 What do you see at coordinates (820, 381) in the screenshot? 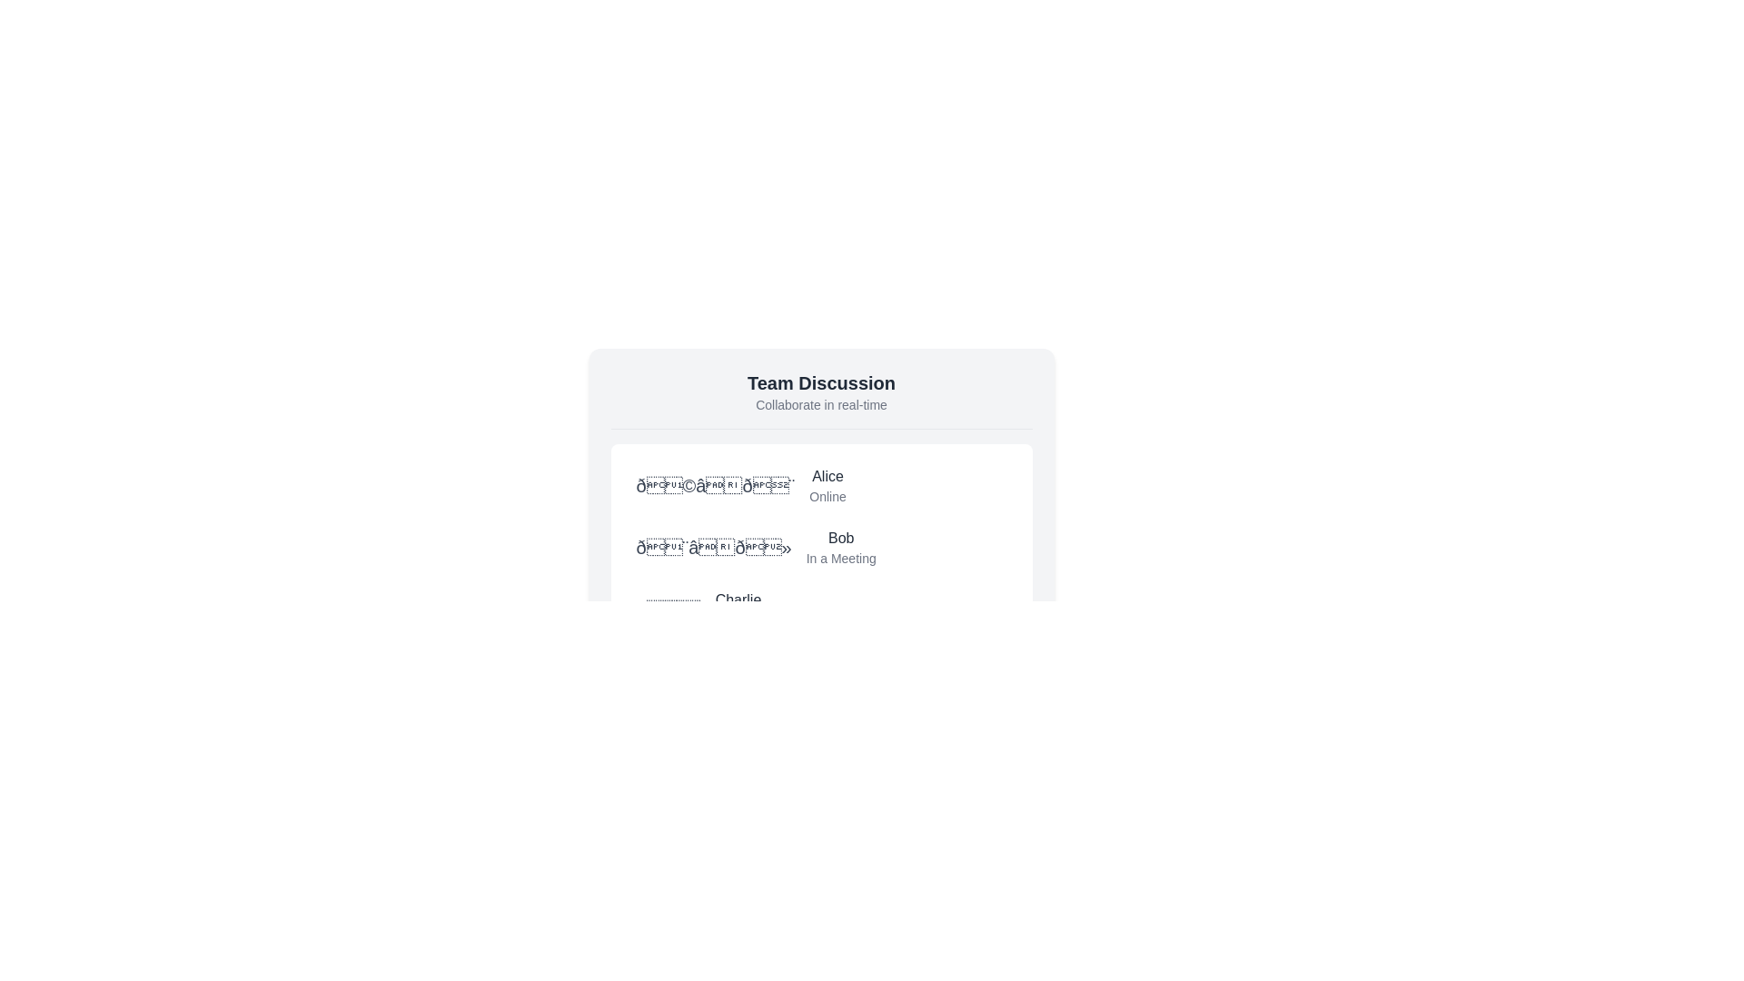
I see `heading text 'Team Discussion' for context, which is a bold label positioned near the upper center of the interface, serving as the primary header in a sectioned group` at bounding box center [820, 381].